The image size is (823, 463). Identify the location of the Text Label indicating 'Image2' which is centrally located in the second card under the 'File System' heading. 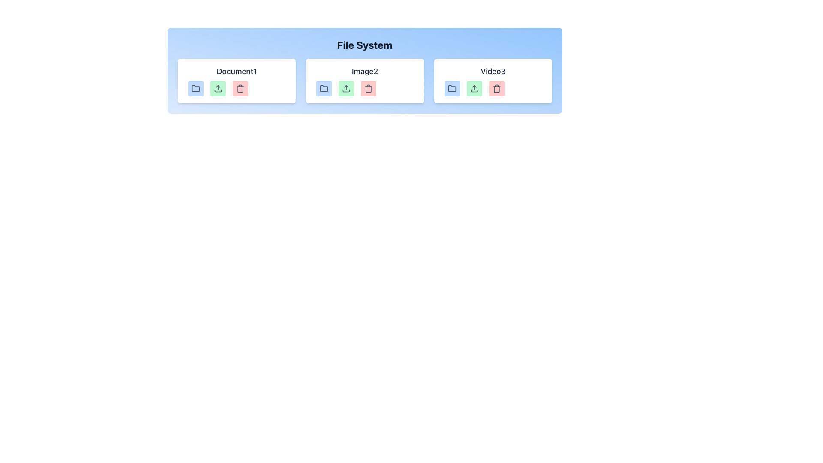
(365, 71).